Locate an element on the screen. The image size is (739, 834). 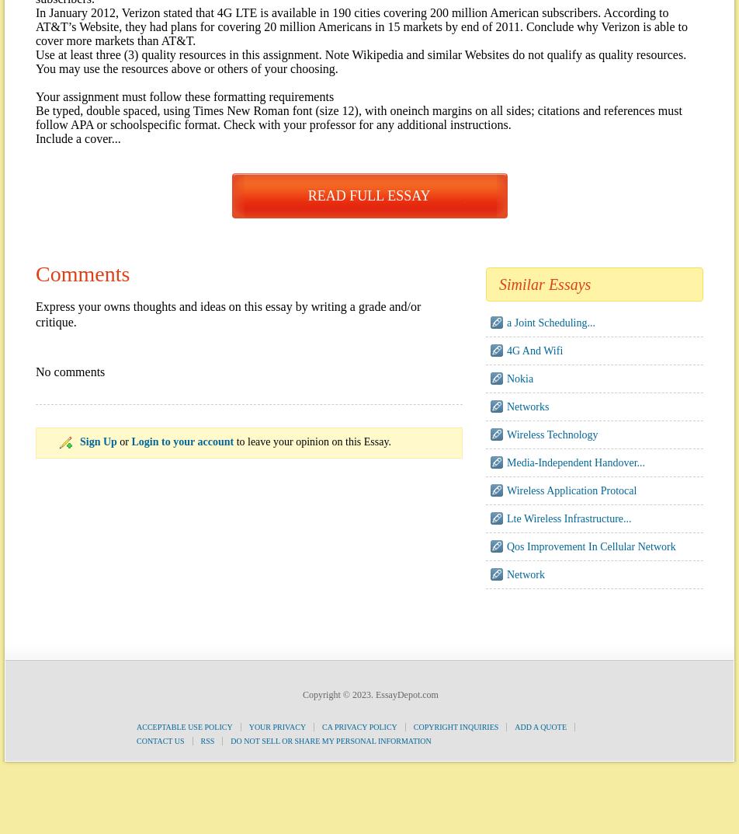
'RSS' is located at coordinates (199, 741).